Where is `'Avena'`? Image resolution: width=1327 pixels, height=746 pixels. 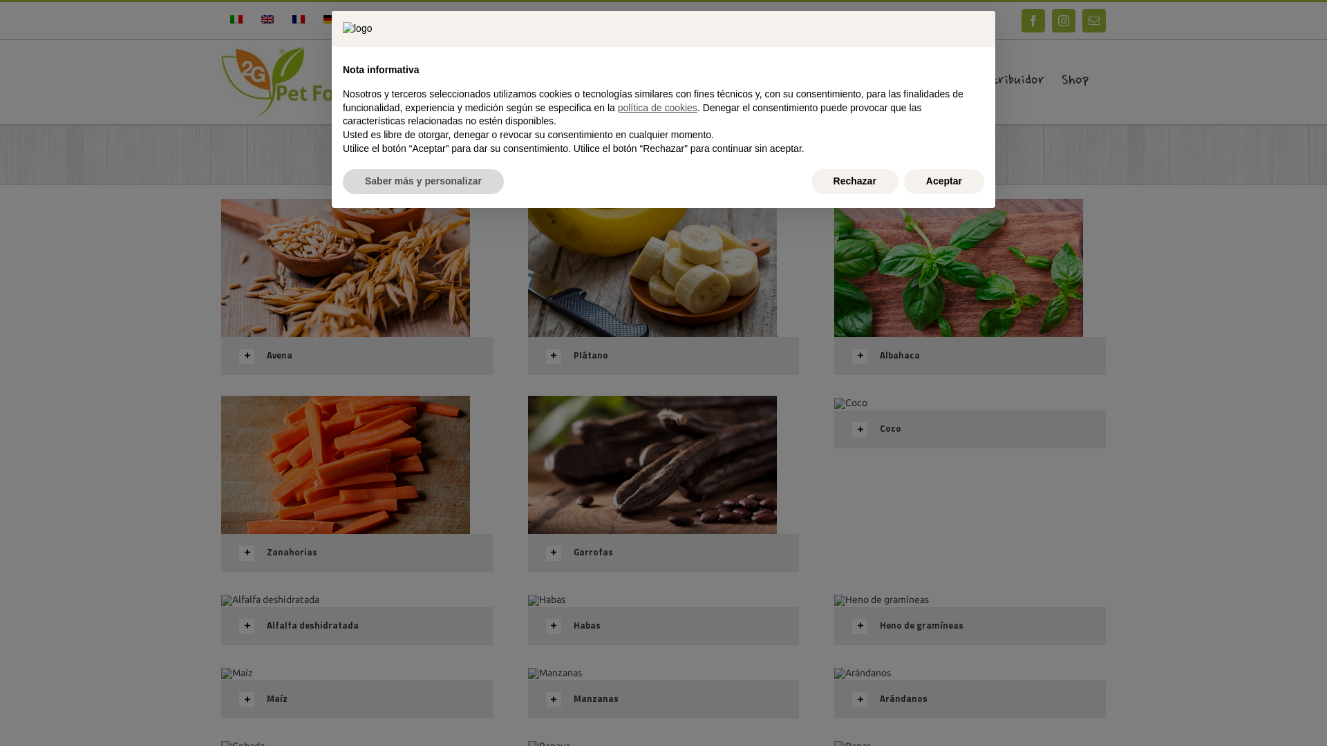 'Avena' is located at coordinates (345, 268).